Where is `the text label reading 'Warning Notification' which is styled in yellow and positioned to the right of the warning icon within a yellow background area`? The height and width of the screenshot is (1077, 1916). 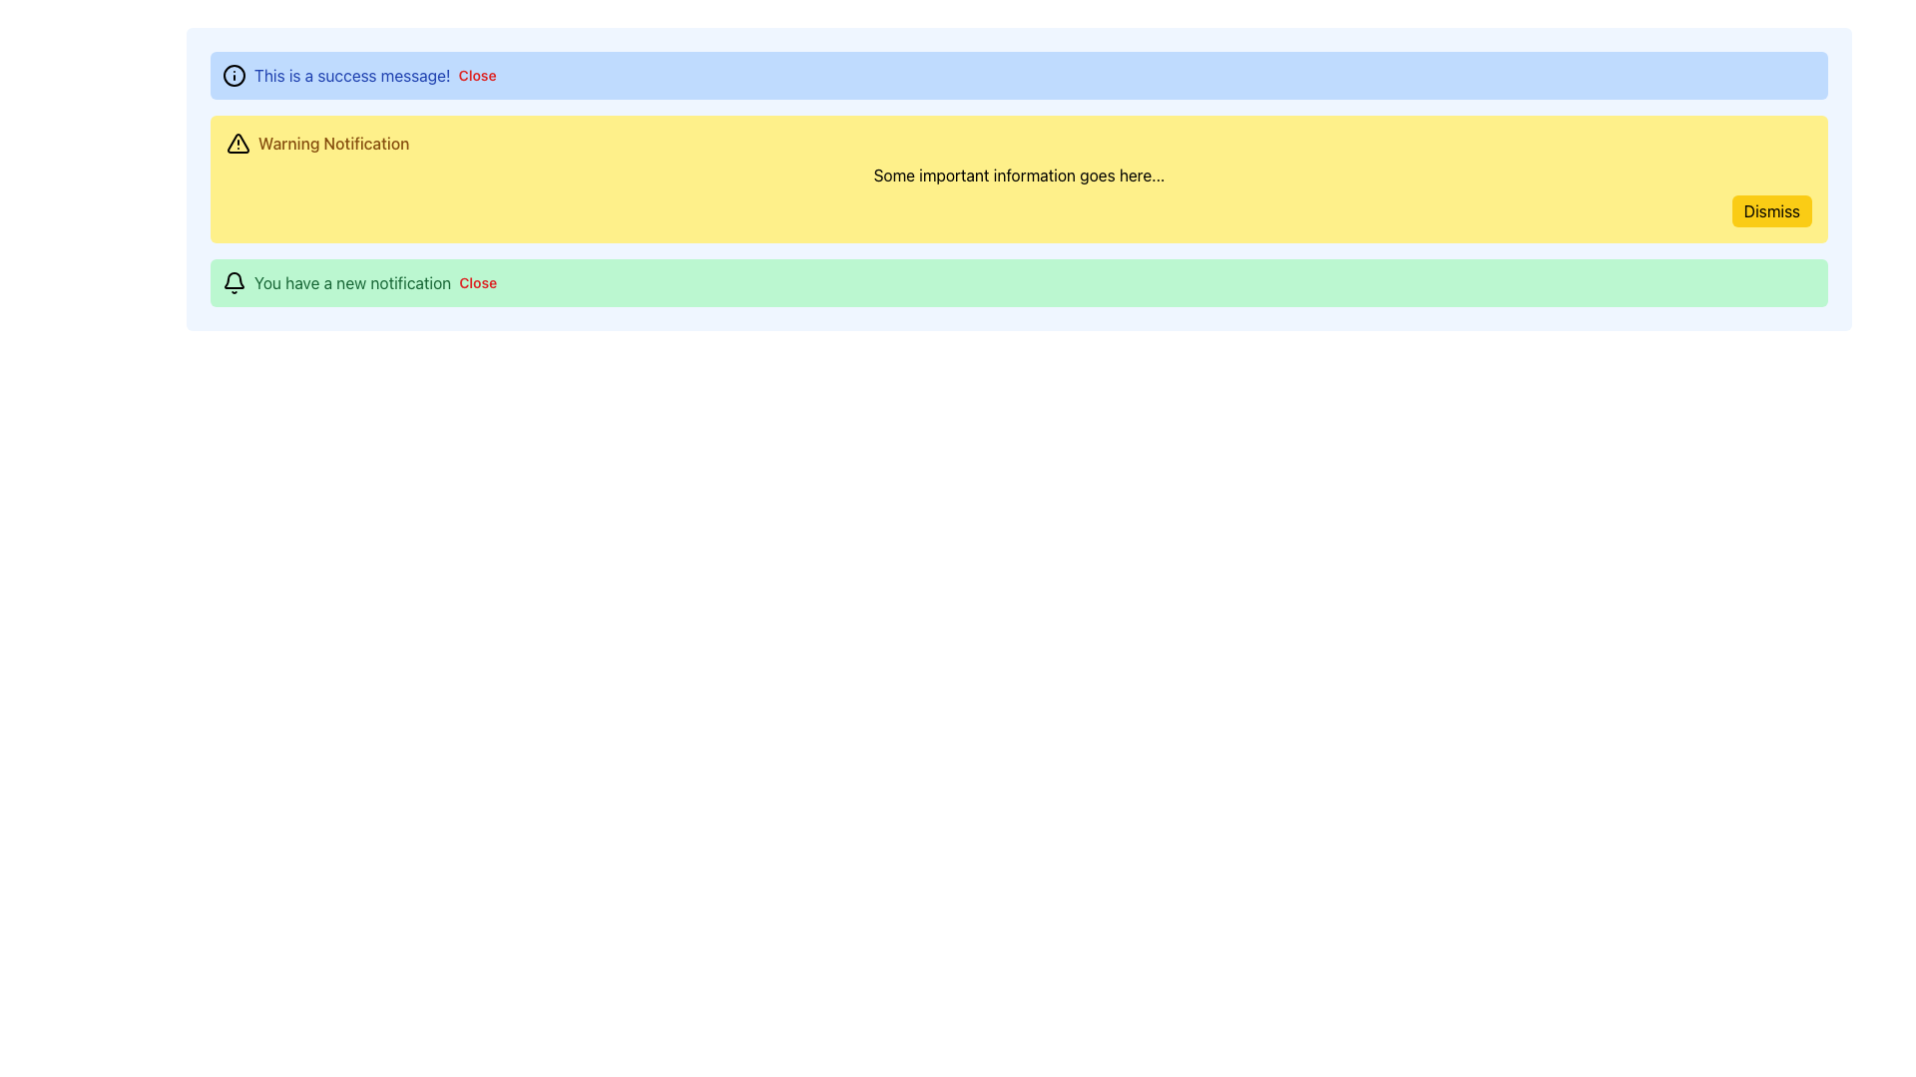 the text label reading 'Warning Notification' which is styled in yellow and positioned to the right of the warning icon within a yellow background area is located at coordinates (333, 142).